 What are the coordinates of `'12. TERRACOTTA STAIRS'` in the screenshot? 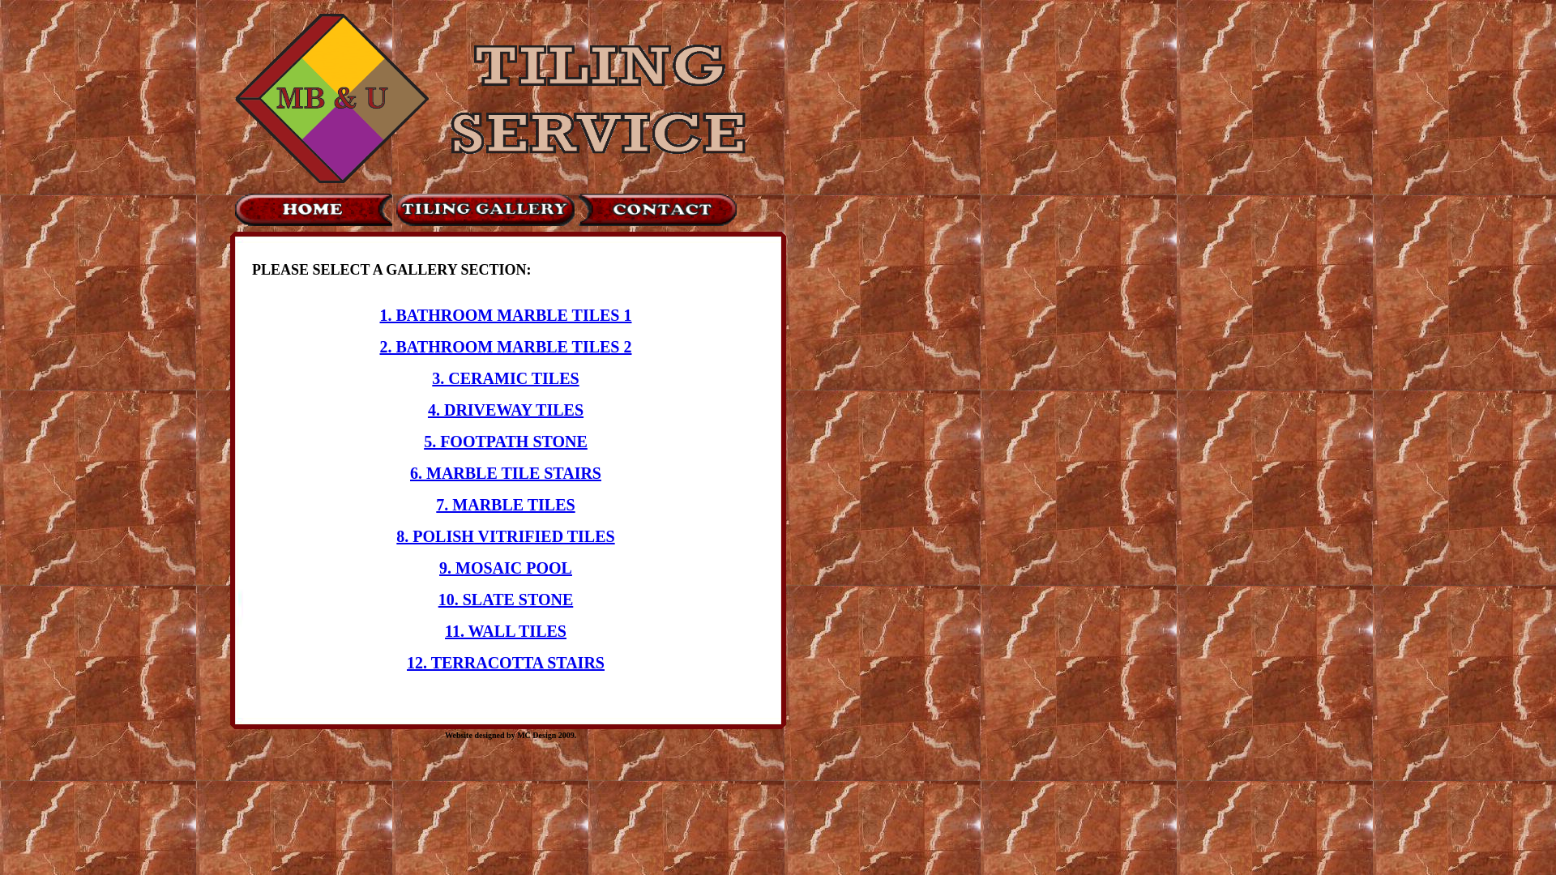 It's located at (505, 662).